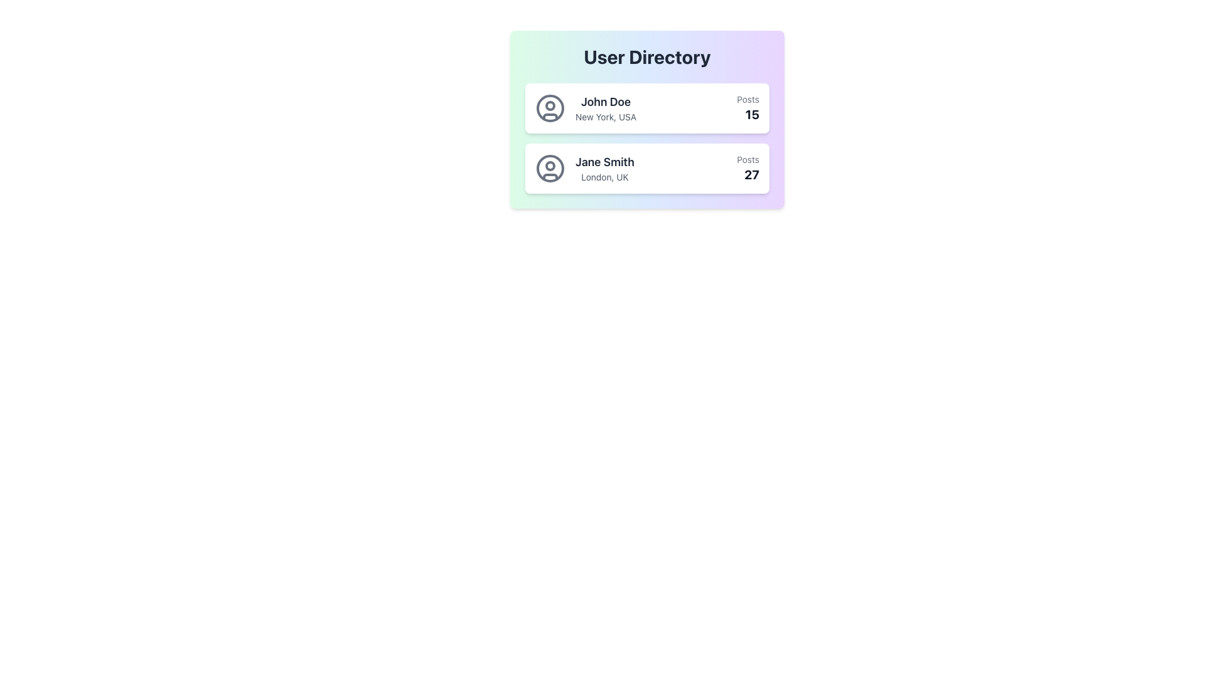  Describe the element at coordinates (550, 168) in the screenshot. I see `the user profile icon, which is a circular icon with a head-and-shoulders silhouette, located on the left side of the panel titled 'Jane Smith, London, UK, Posts: 27'` at that location.